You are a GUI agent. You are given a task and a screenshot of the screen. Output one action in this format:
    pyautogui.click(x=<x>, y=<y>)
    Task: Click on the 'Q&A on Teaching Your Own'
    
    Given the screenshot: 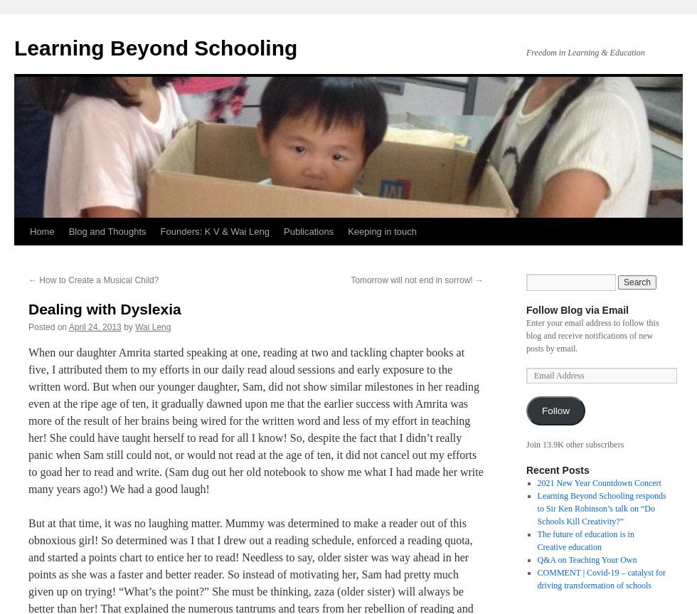 What is the action you would take?
    pyautogui.click(x=536, y=559)
    